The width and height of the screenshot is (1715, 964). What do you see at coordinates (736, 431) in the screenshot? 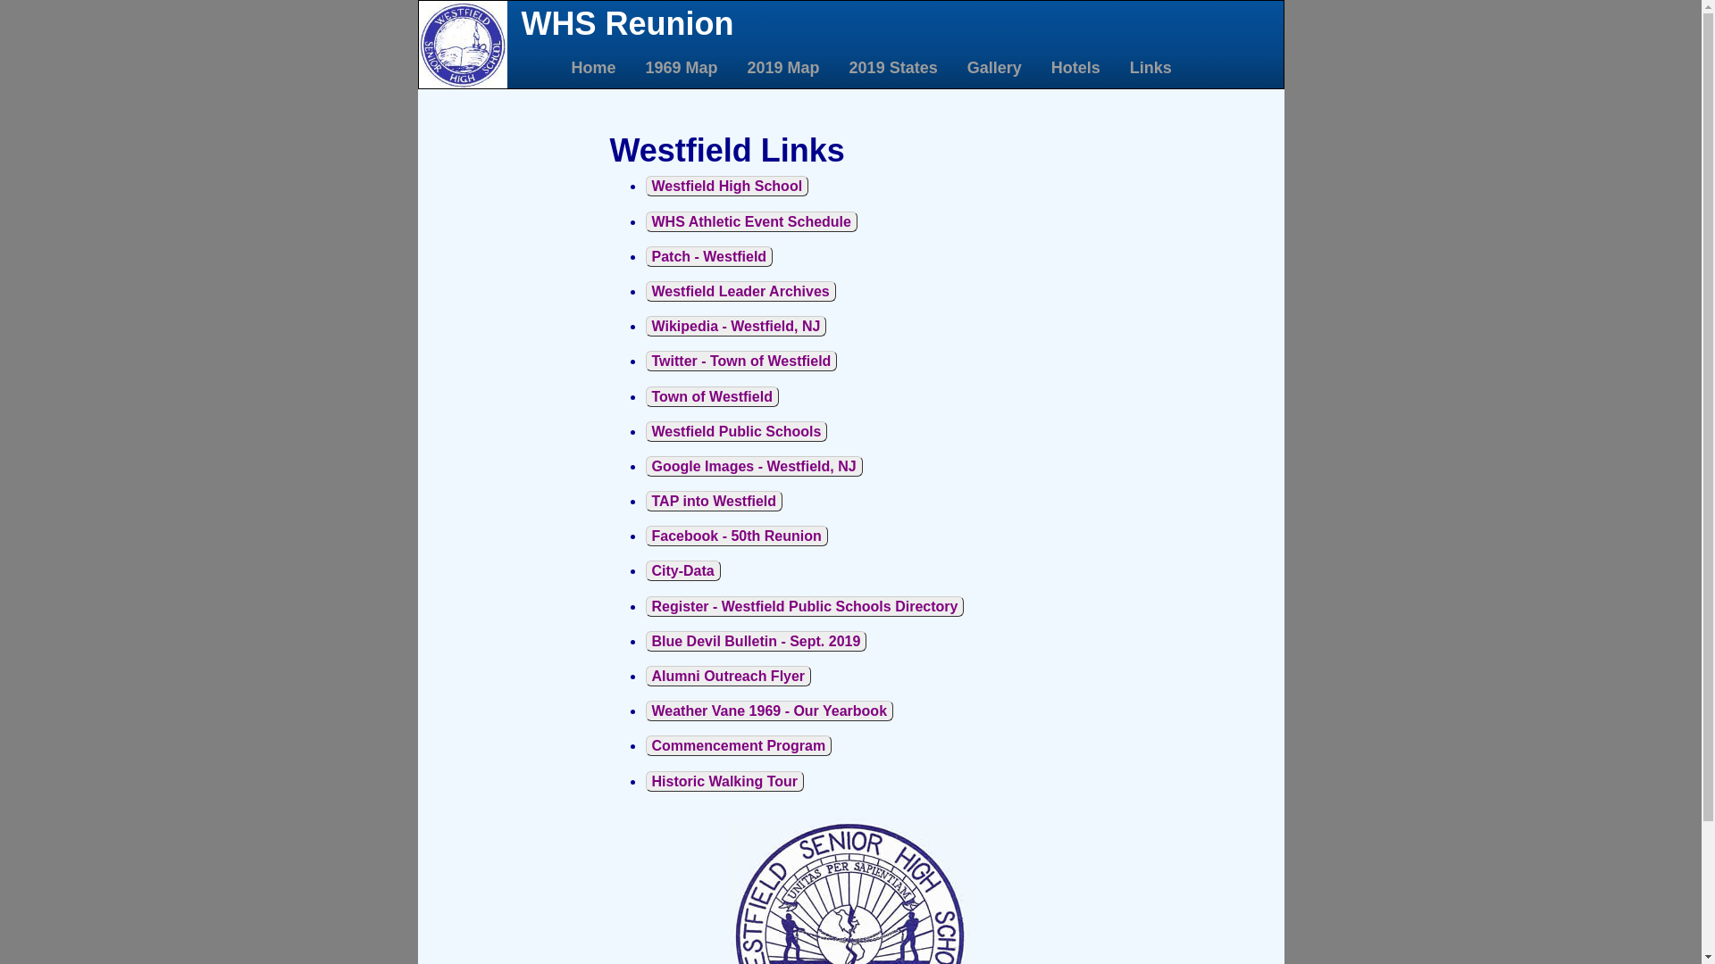
I see `'Westfield Public Schools'` at bounding box center [736, 431].